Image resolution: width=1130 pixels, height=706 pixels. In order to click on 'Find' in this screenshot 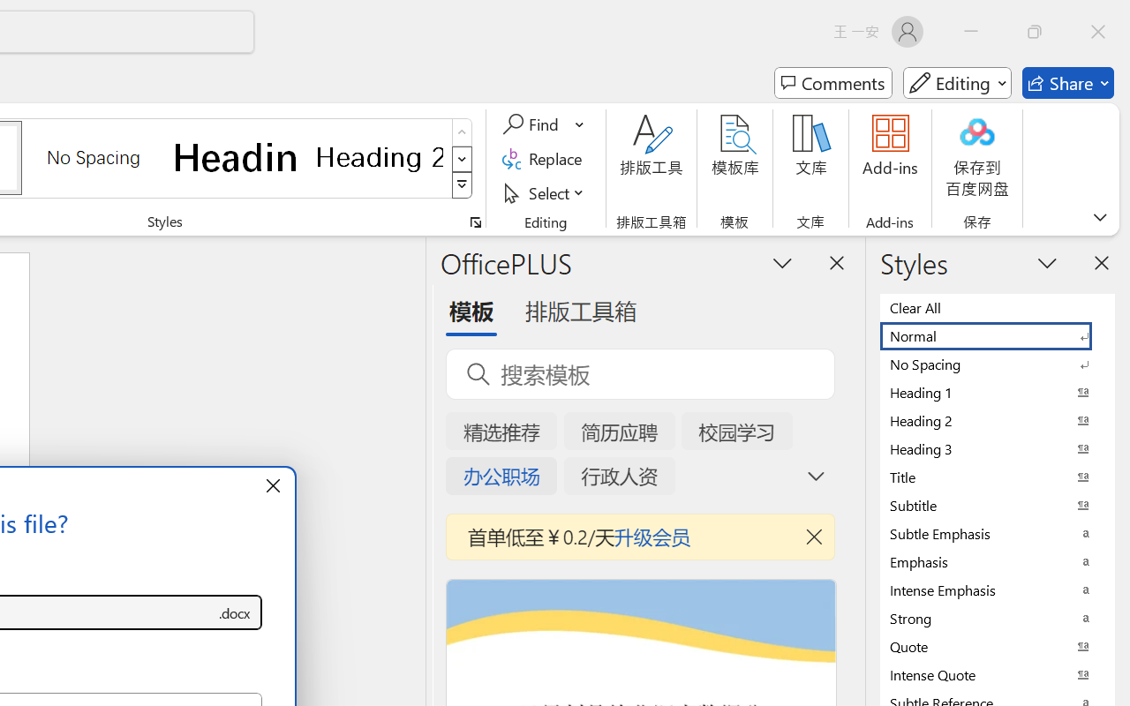, I will do `click(532, 124)`.